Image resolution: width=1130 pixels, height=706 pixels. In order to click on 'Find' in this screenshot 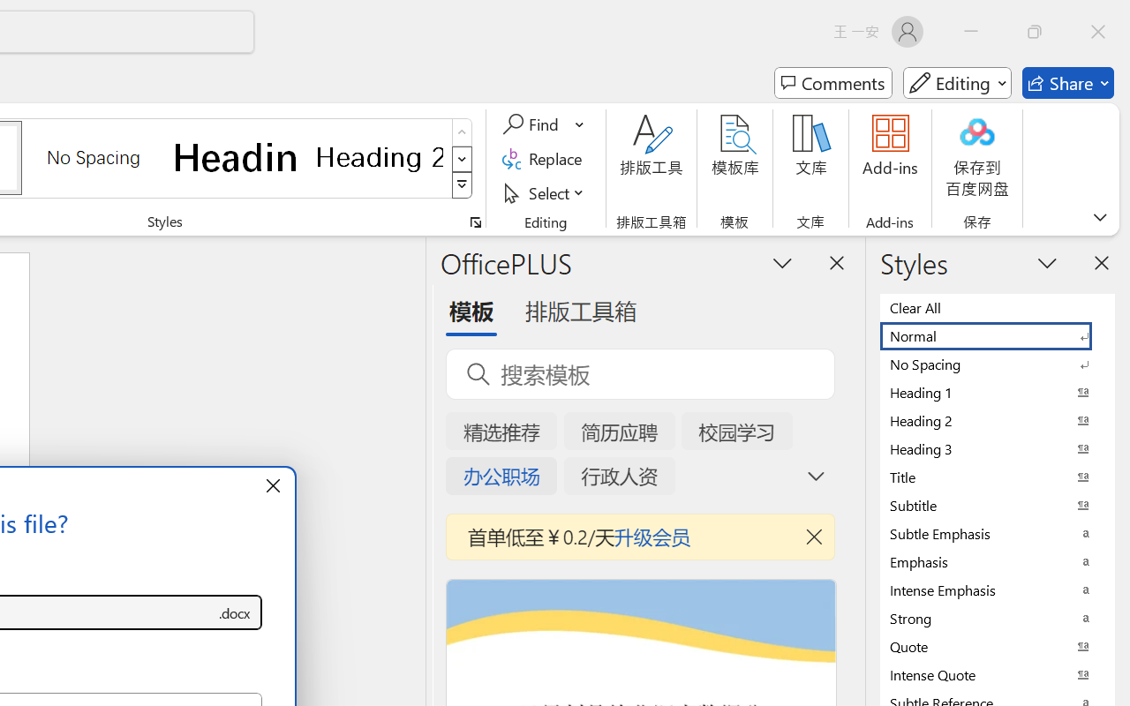, I will do `click(532, 124)`.